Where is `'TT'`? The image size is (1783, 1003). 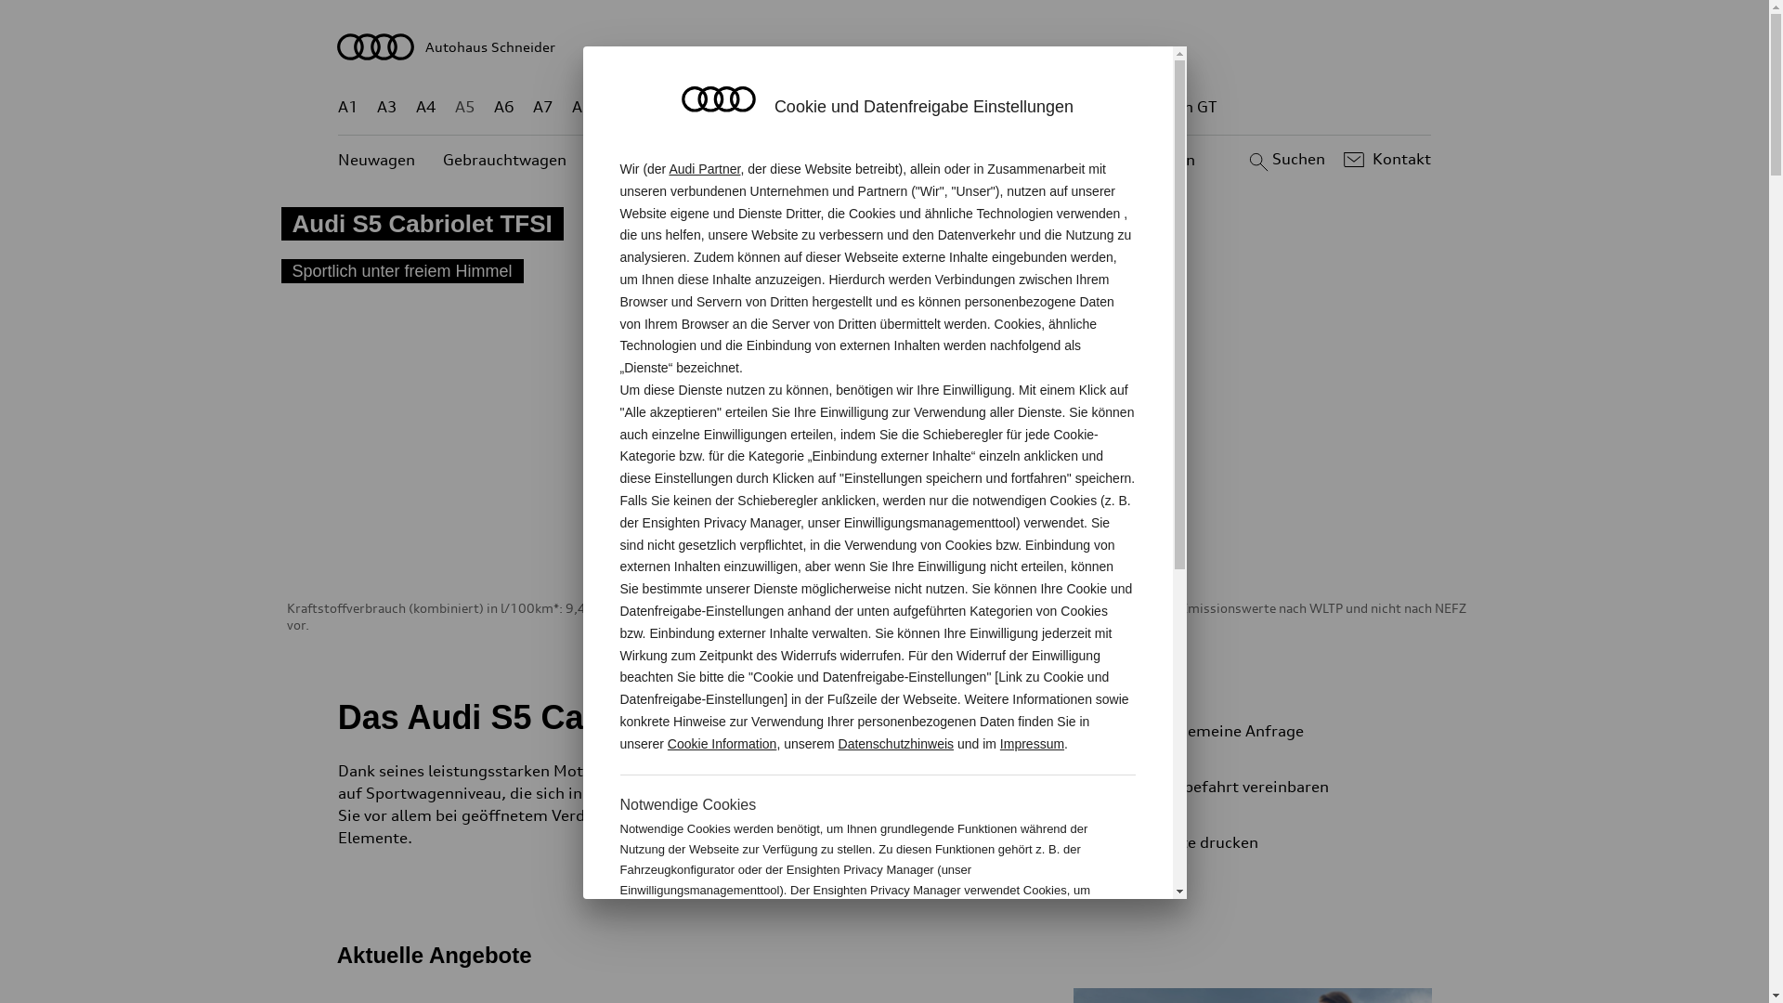 'TT' is located at coordinates (997, 107).